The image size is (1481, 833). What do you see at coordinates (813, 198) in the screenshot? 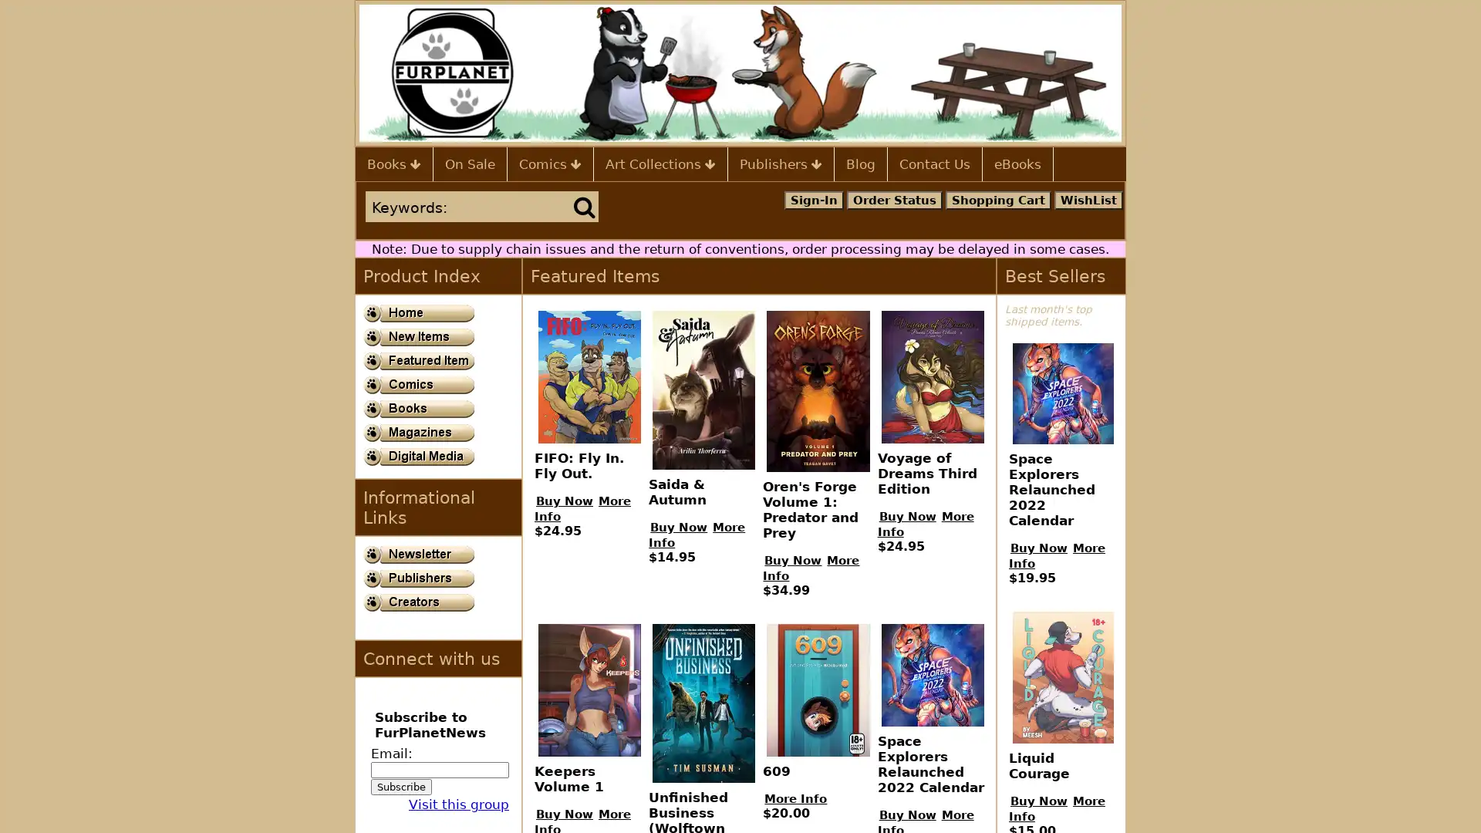
I see `Sign-In` at bounding box center [813, 198].